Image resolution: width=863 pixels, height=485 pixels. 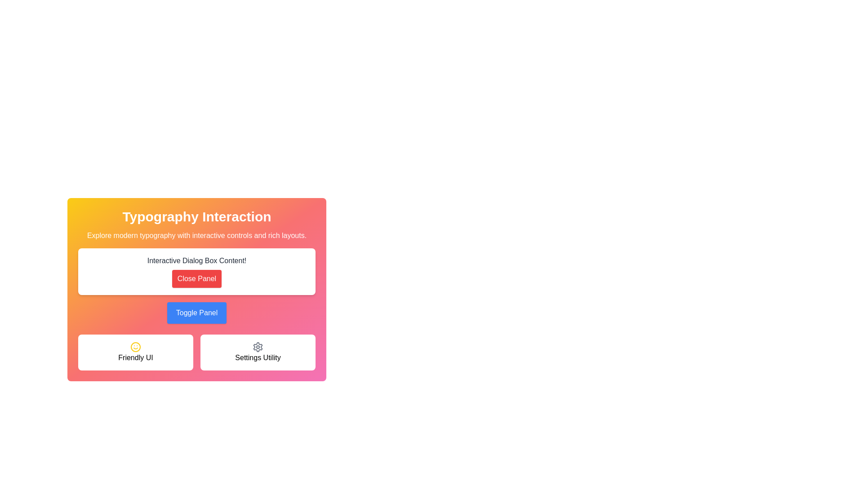 What do you see at coordinates (258, 352) in the screenshot?
I see `the settings button located at the bottom right of the two-button grid layout` at bounding box center [258, 352].